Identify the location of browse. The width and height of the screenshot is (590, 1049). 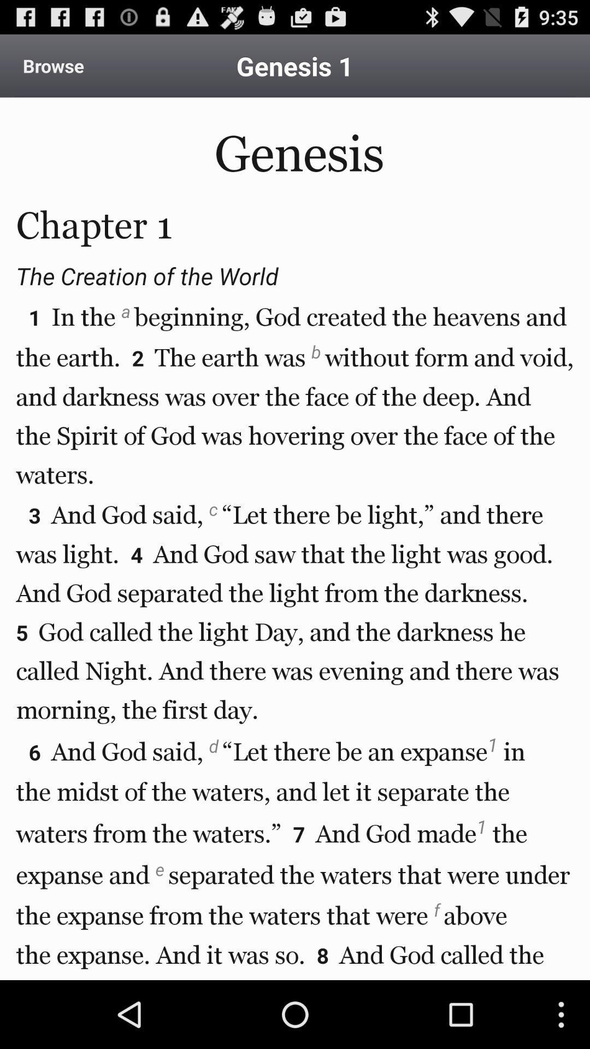
(53, 65).